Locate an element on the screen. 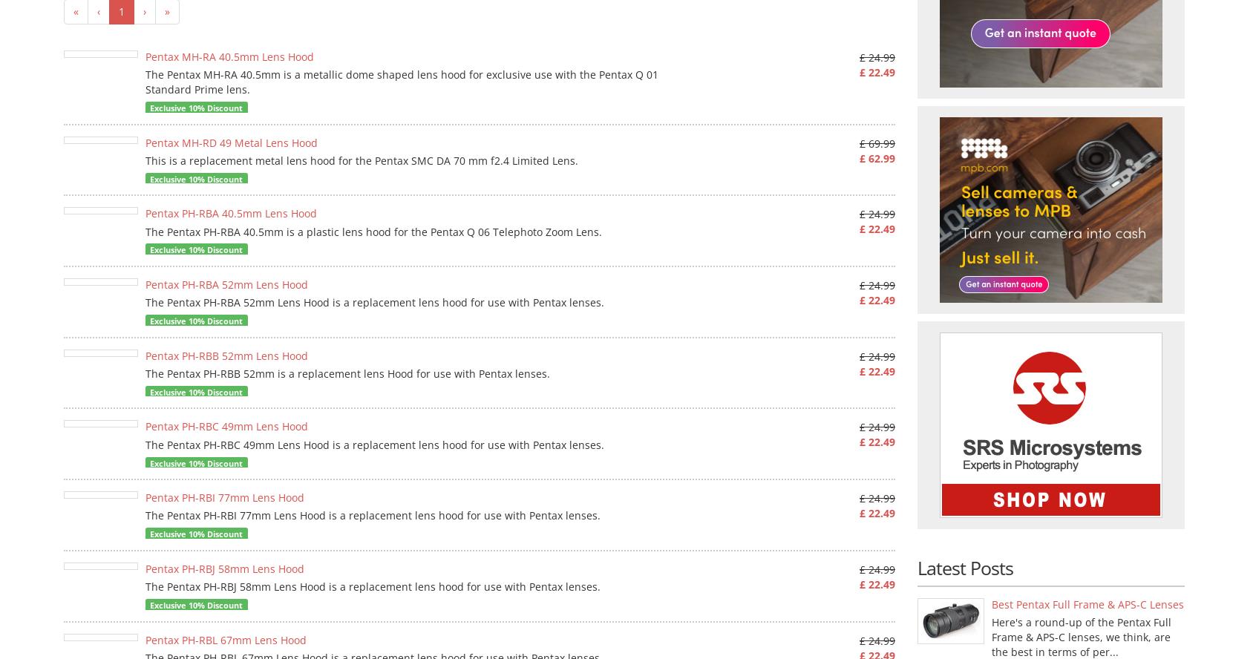  'The Pentax PH-RBJ 58mm Lens Hood is a replacement lens hood for use with Pentax lenses.' is located at coordinates (373, 586).